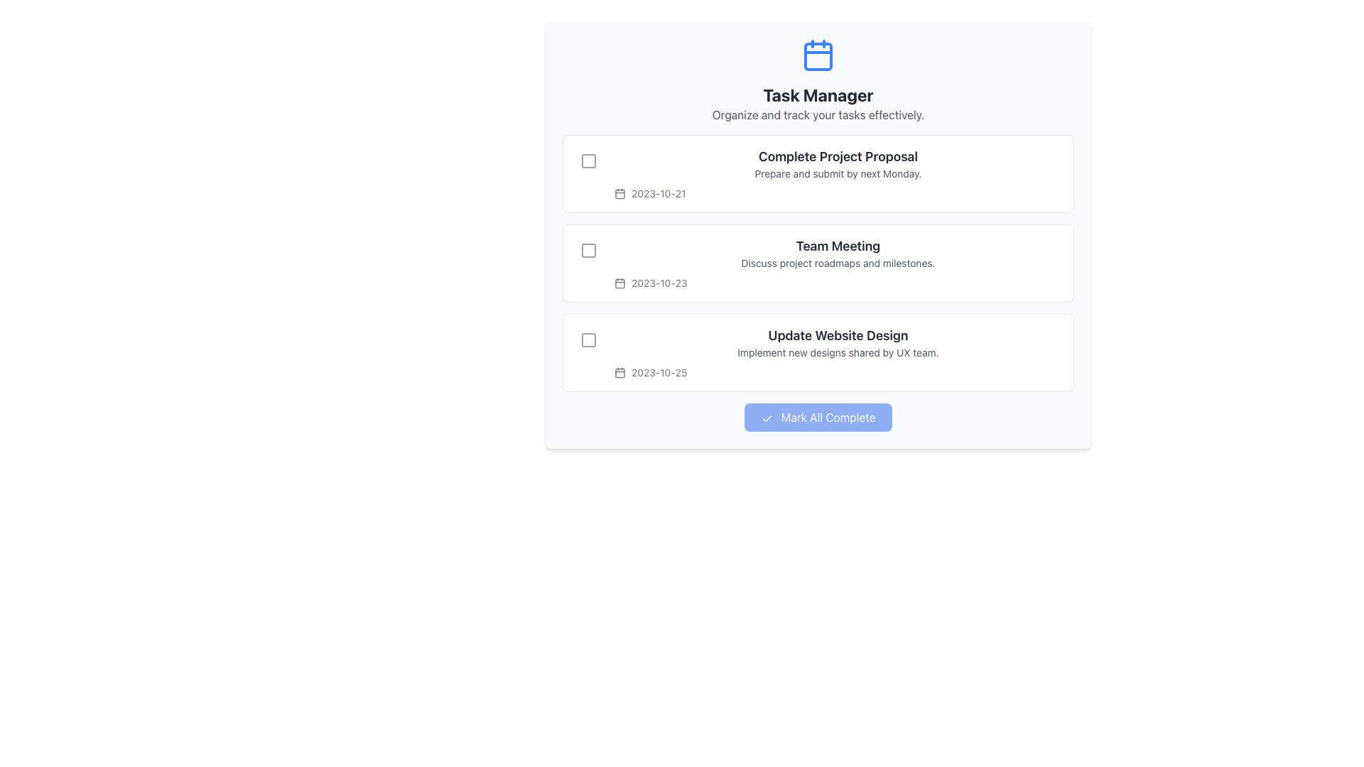 This screenshot has height=767, width=1364. Describe the element at coordinates (838, 336) in the screenshot. I see `text content of the Text Label located at the top of the third task item in the task manager interface, which summarizes the task's purpose or subject` at that location.